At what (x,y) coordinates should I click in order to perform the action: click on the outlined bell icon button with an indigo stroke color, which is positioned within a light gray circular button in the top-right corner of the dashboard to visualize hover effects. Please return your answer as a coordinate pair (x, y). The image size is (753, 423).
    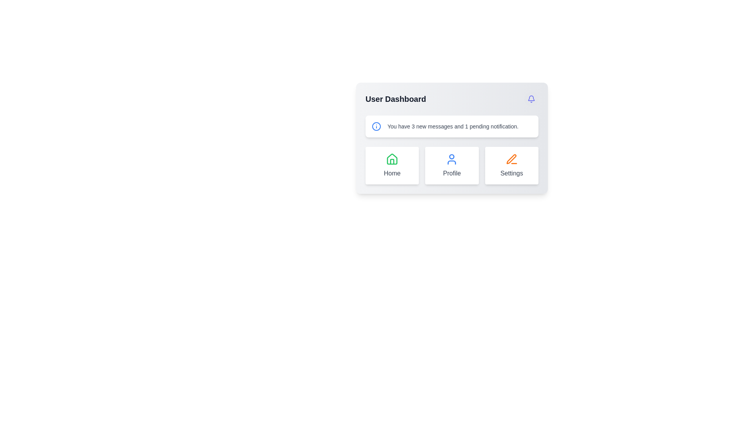
    Looking at the image, I should click on (531, 99).